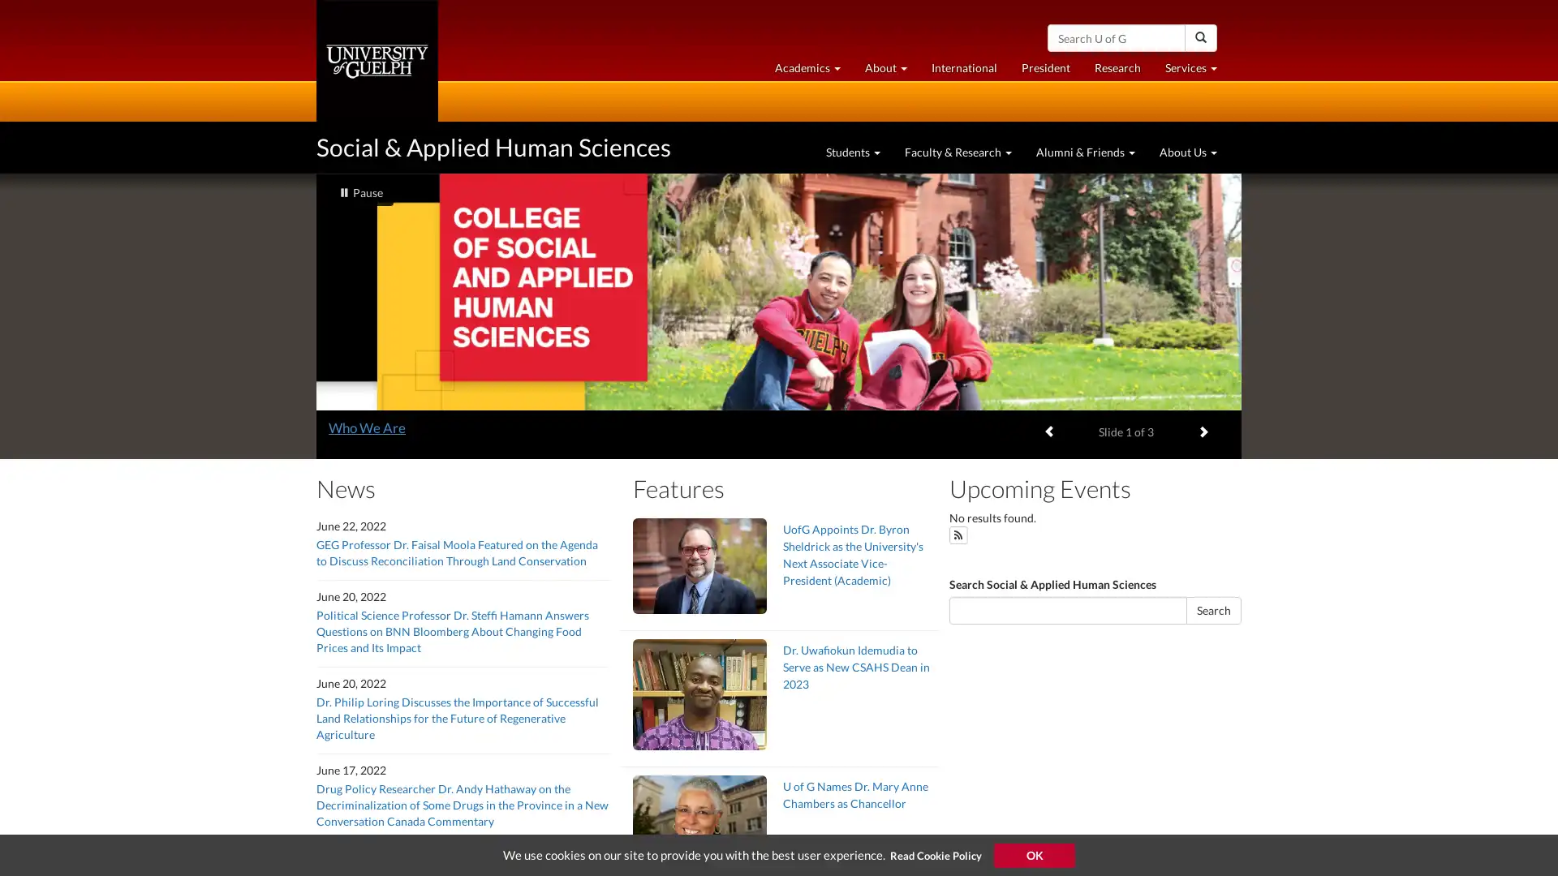  I want to click on About University of Guelph, so click(884, 67).